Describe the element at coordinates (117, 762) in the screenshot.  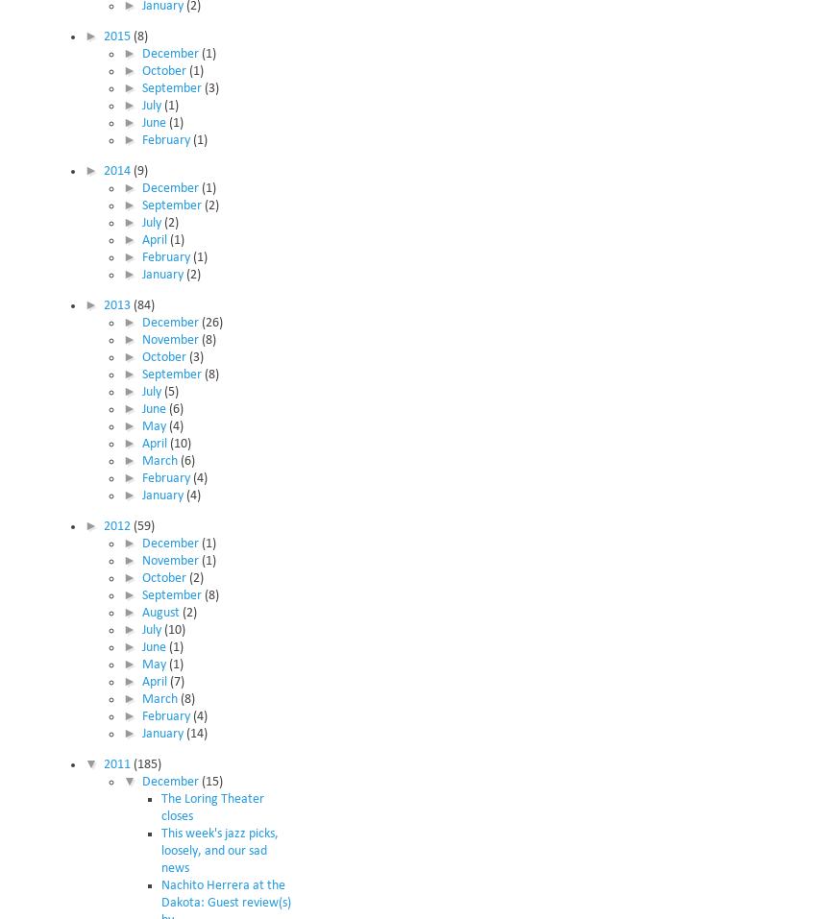
I see `'2011'` at that location.